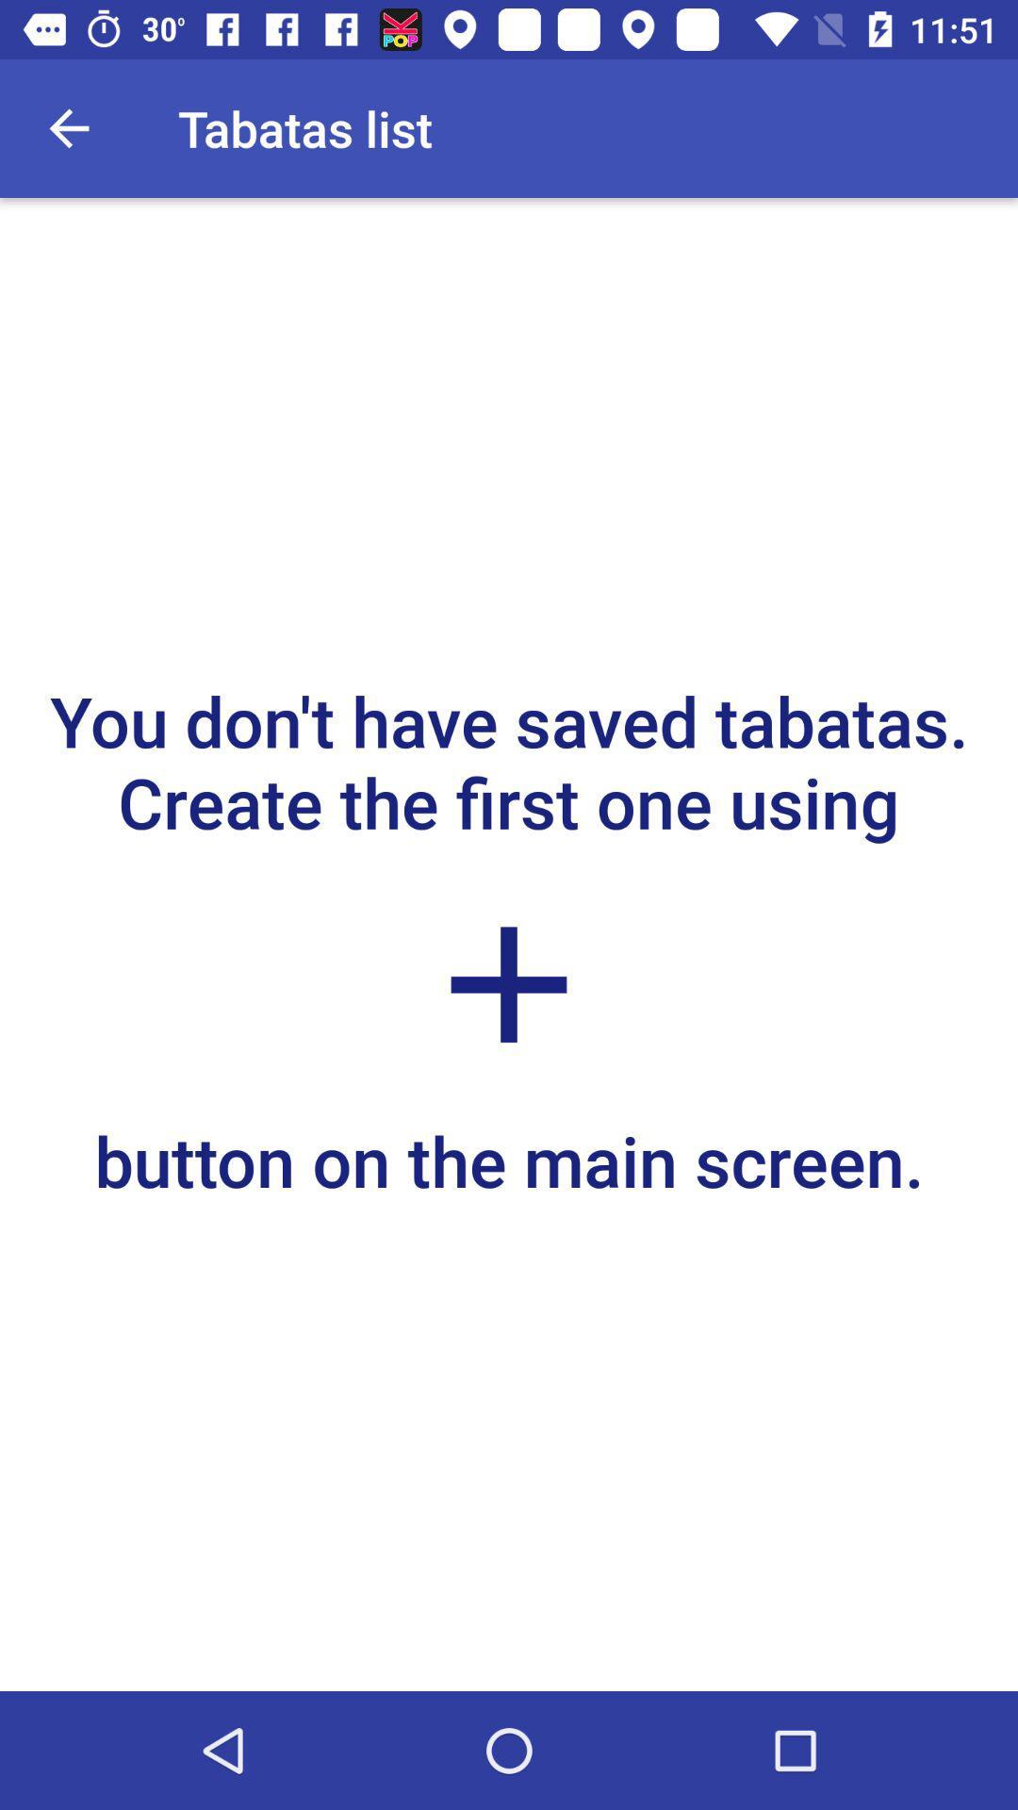  What do you see at coordinates (68, 127) in the screenshot?
I see `icon to the left of tabatas list item` at bounding box center [68, 127].